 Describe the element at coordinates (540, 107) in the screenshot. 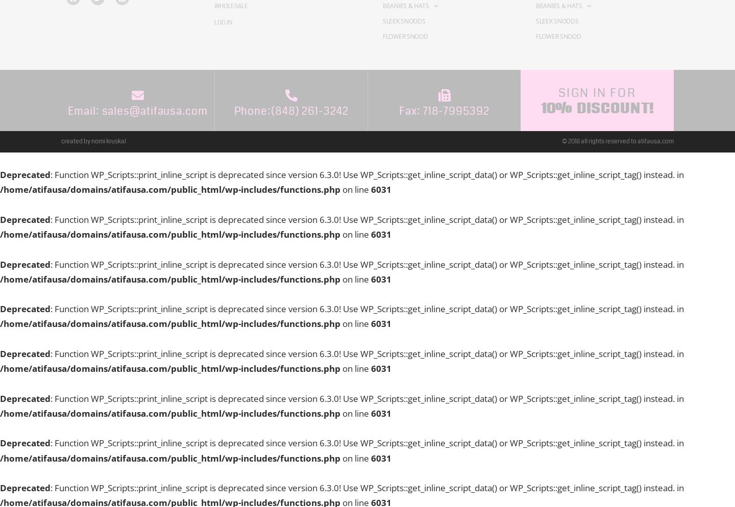

I see `'10% Discount!'` at that location.